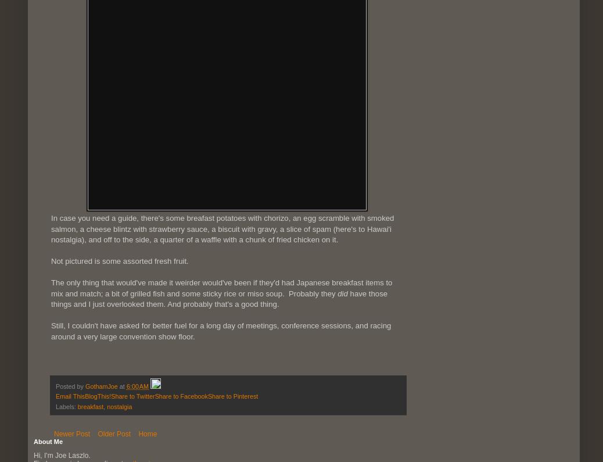 The width and height of the screenshot is (603, 462). What do you see at coordinates (71, 433) in the screenshot?
I see `'Newer Post'` at bounding box center [71, 433].